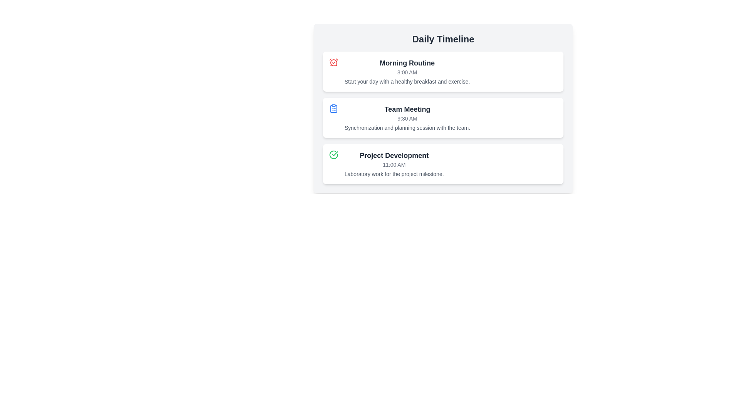 The width and height of the screenshot is (740, 416). I want to click on text content of the bold, black label 'Project Development' which is the first element in the timeline section under 'Daily Timeline', so click(394, 156).